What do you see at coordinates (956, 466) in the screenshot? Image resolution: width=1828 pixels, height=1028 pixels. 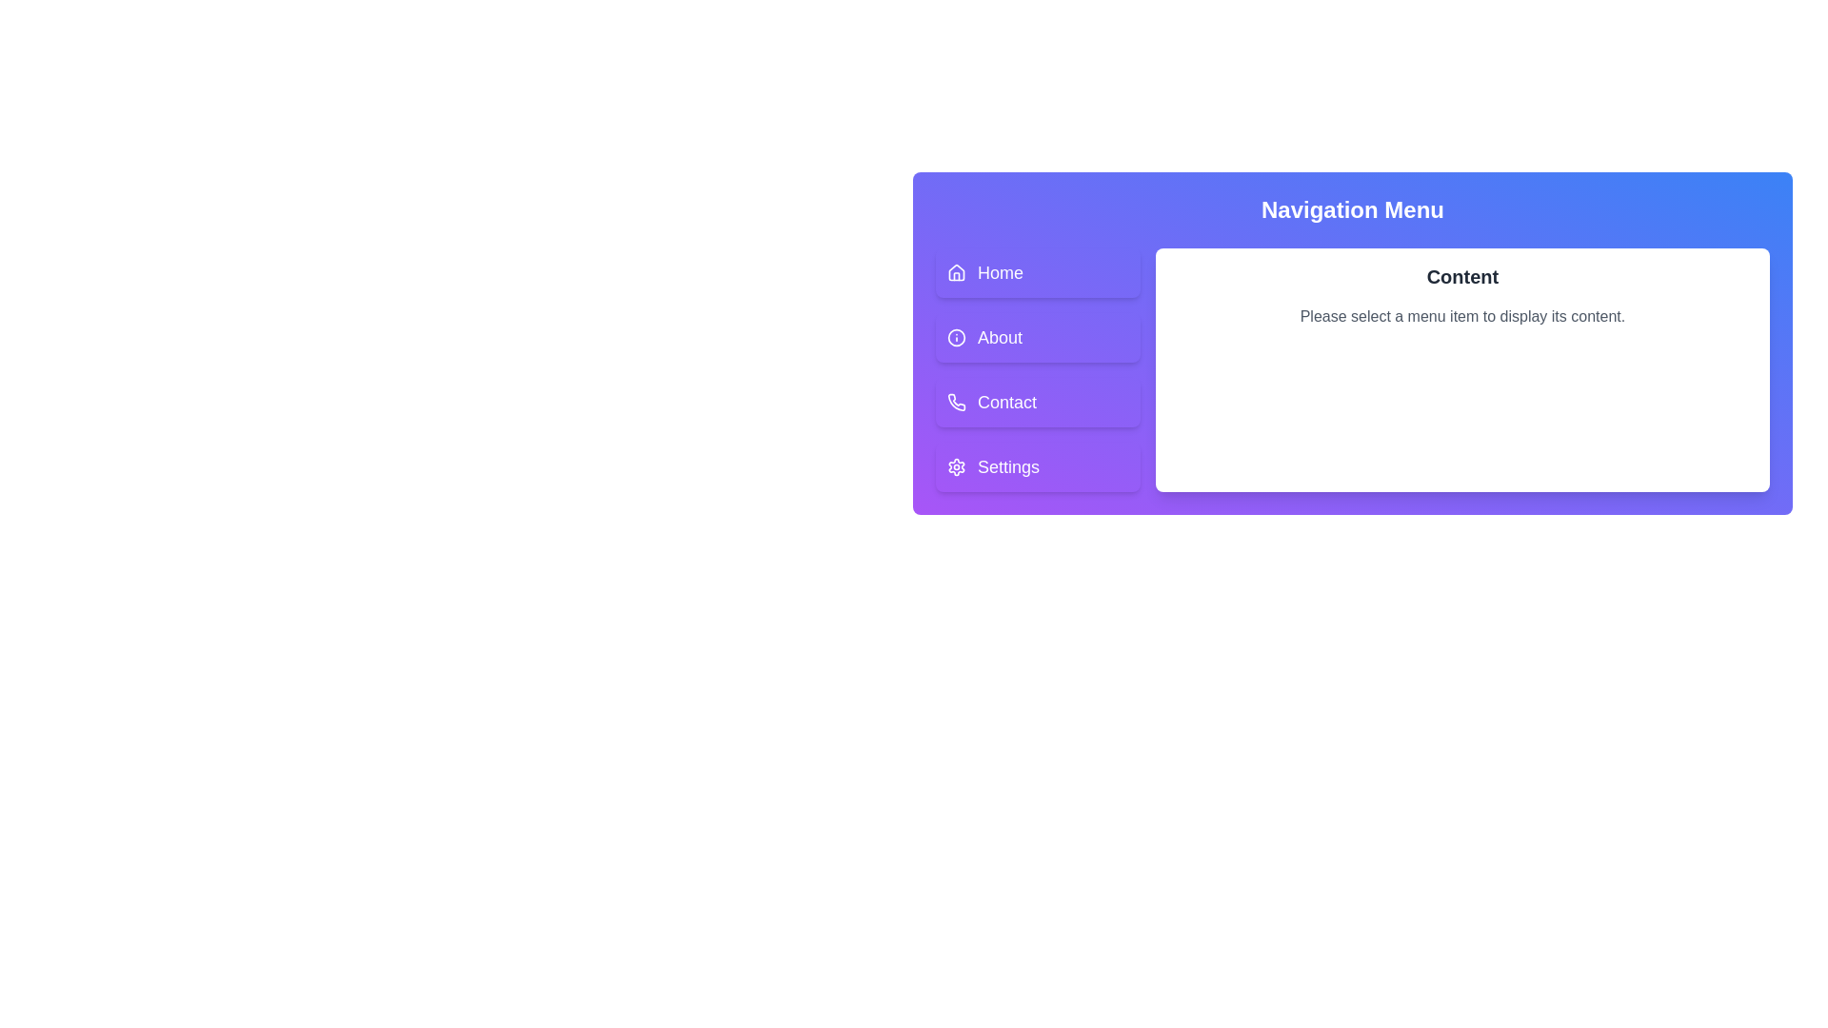 I see `the gear icon representing 'settings' located in the bottom-left navigation menu, specifically the fourth menu item labeled 'Settings'` at bounding box center [956, 466].